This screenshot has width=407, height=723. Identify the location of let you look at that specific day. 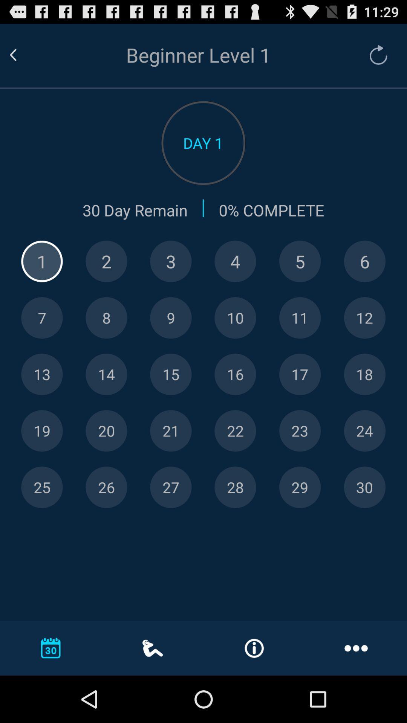
(235, 261).